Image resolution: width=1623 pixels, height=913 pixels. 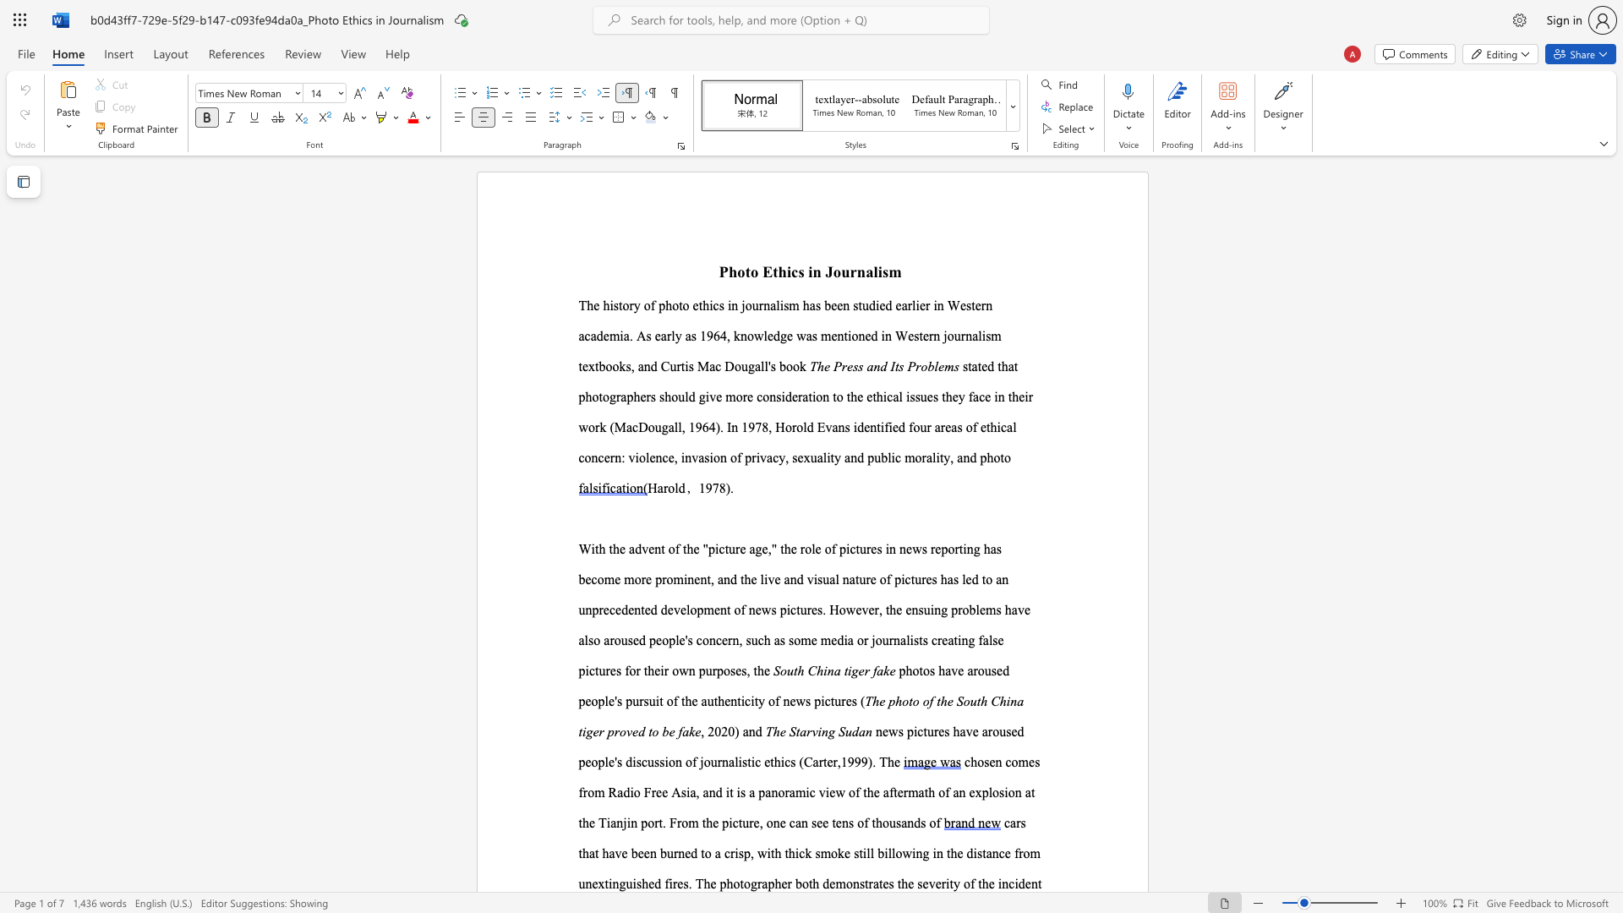 What do you see at coordinates (625, 426) in the screenshot?
I see `the subset text "acDougall, 1964)" within the text "(MacDougall, 1964)"` at bounding box center [625, 426].